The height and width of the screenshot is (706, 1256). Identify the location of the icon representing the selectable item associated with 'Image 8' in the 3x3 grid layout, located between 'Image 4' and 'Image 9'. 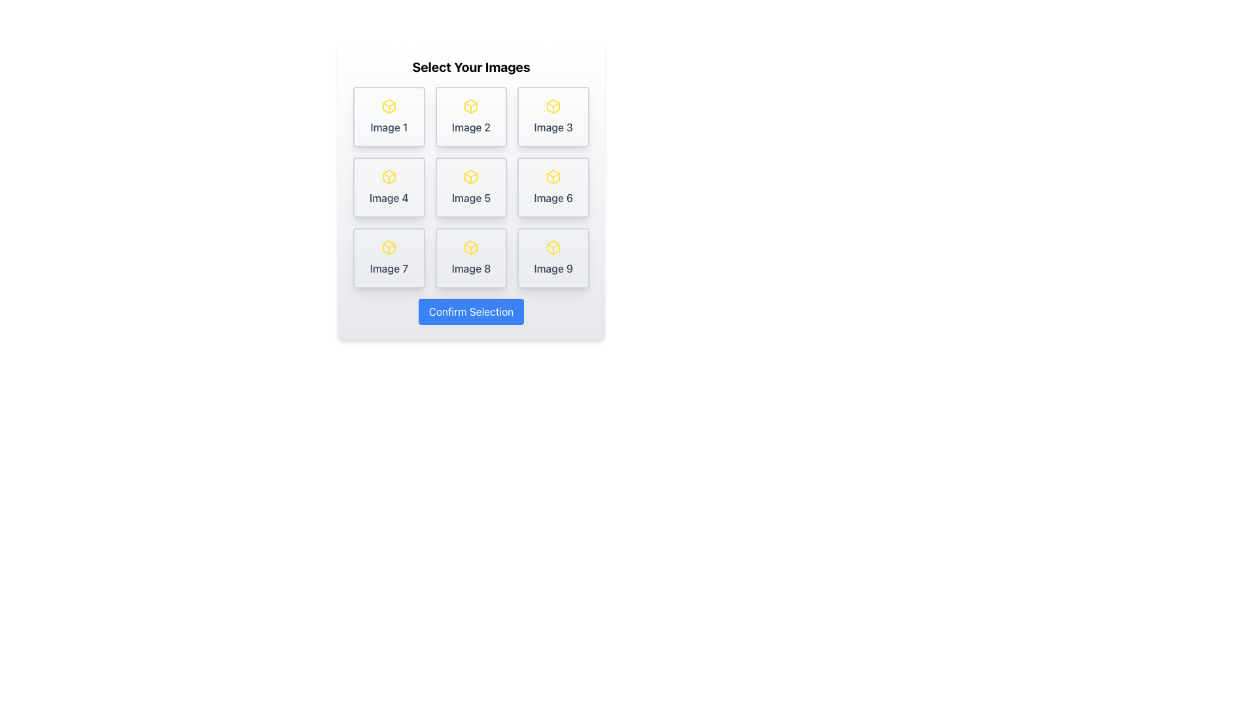
(471, 247).